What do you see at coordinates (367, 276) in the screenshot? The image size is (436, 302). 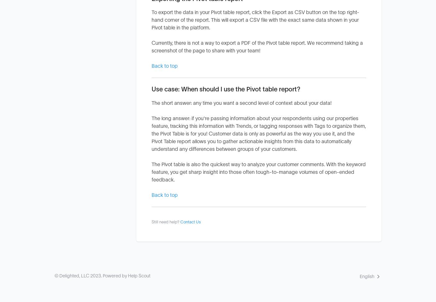 I see `'English'` at bounding box center [367, 276].